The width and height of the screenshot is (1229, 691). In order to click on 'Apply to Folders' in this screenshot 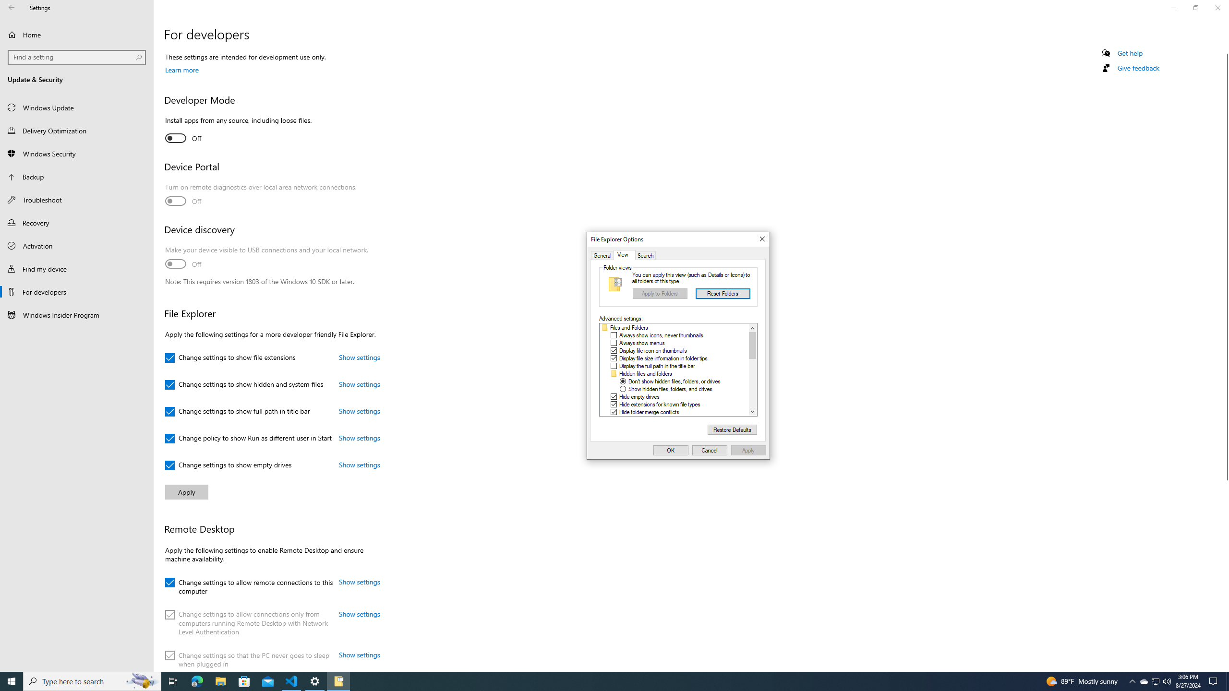, I will do `click(659, 294)`.